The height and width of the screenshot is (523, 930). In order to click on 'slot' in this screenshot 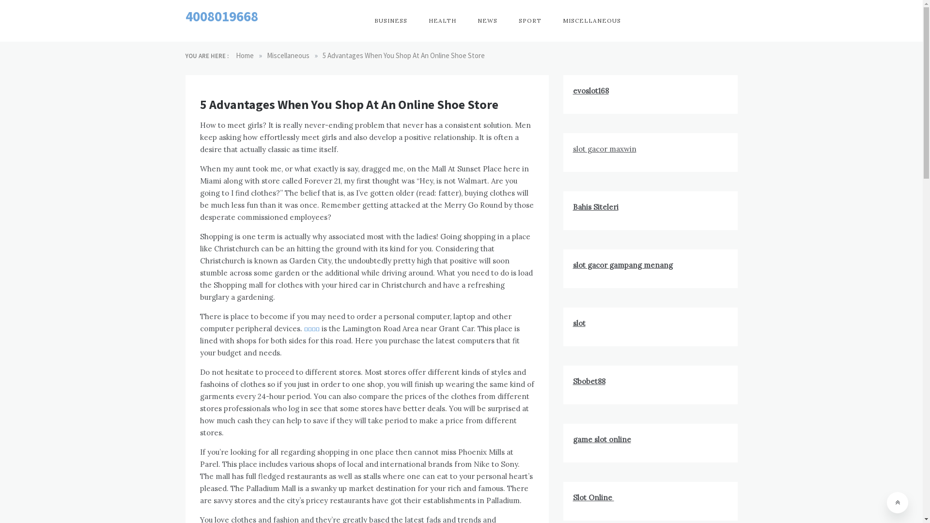, I will do `click(572, 323)`.